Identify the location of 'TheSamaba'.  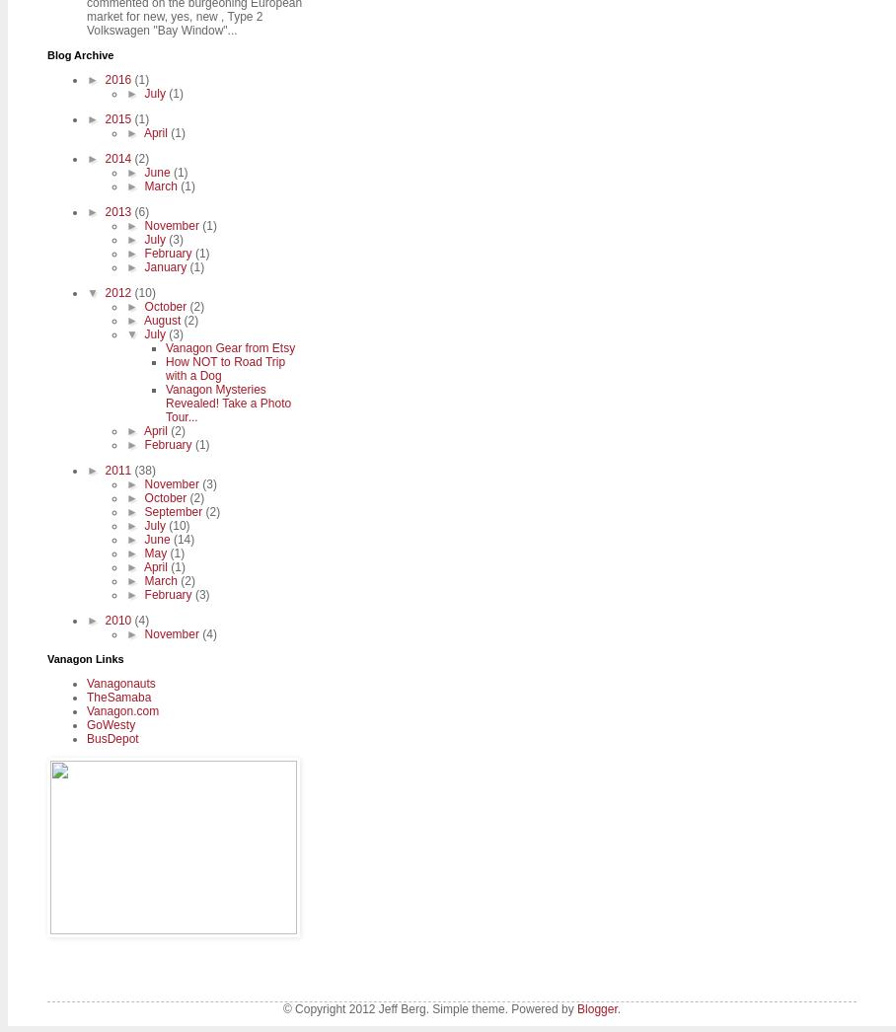
(118, 697).